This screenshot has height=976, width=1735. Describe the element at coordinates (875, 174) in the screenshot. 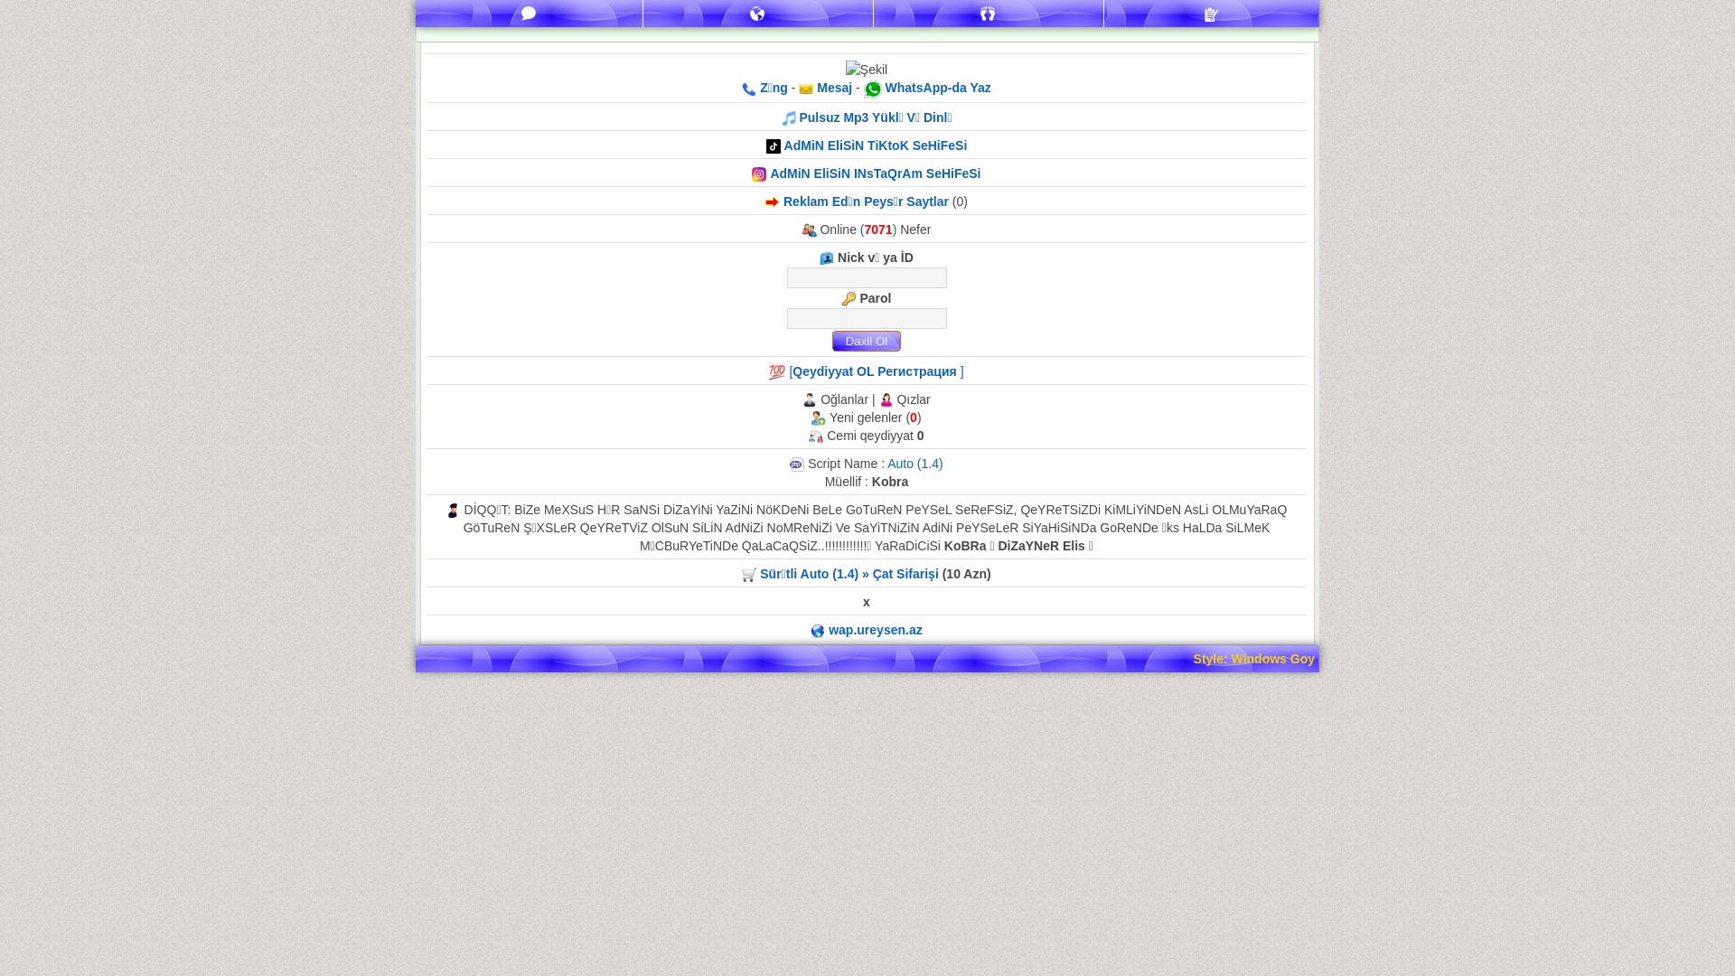

I see `'AdMiN EliSiN INsTaQrAm SeHiFeSi'` at that location.